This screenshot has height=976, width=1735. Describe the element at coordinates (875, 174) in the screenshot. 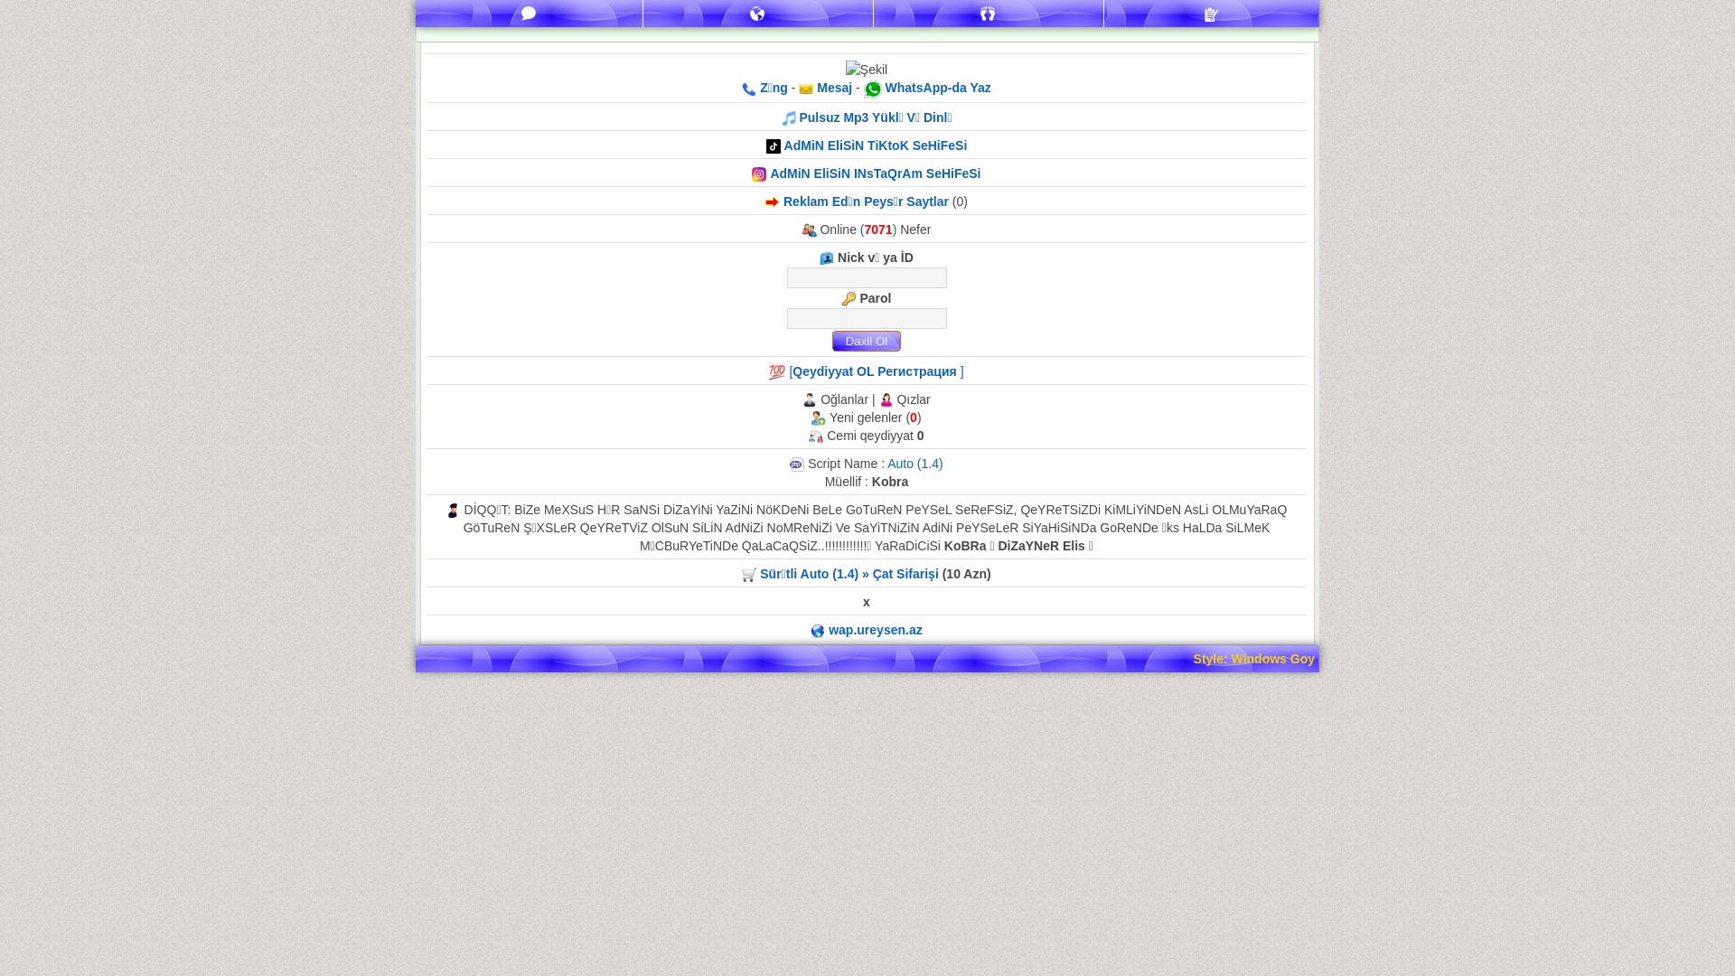

I see `'AdMiN EliSiN INsTaQrAm SeHiFeSi'` at that location.